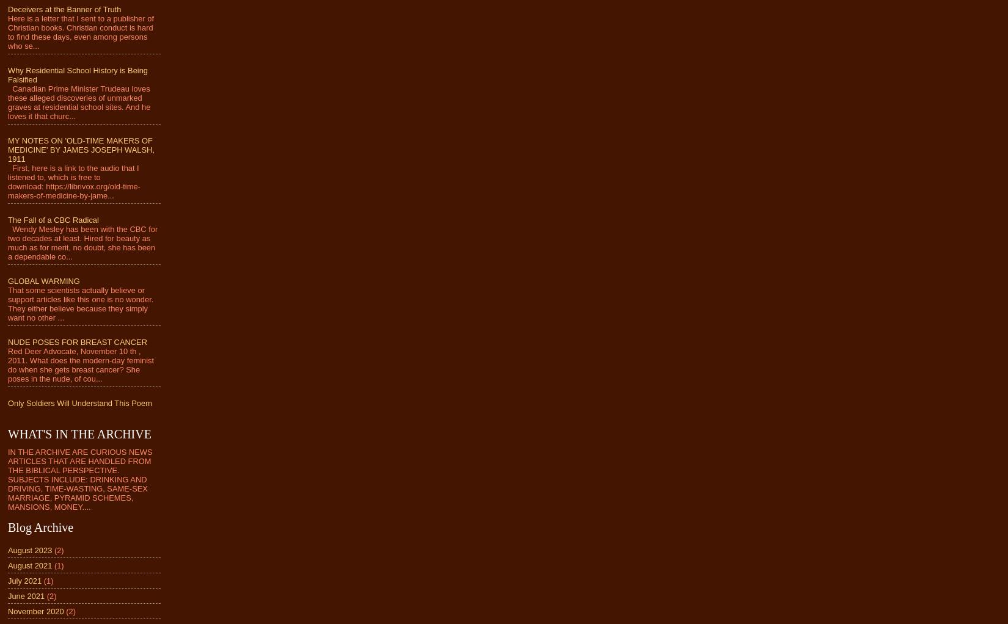 This screenshot has width=1008, height=624. I want to click on 'That some scientists actually believe or support articles like this one is no wonder. They either believe because they simply want no other ...', so click(8, 304).